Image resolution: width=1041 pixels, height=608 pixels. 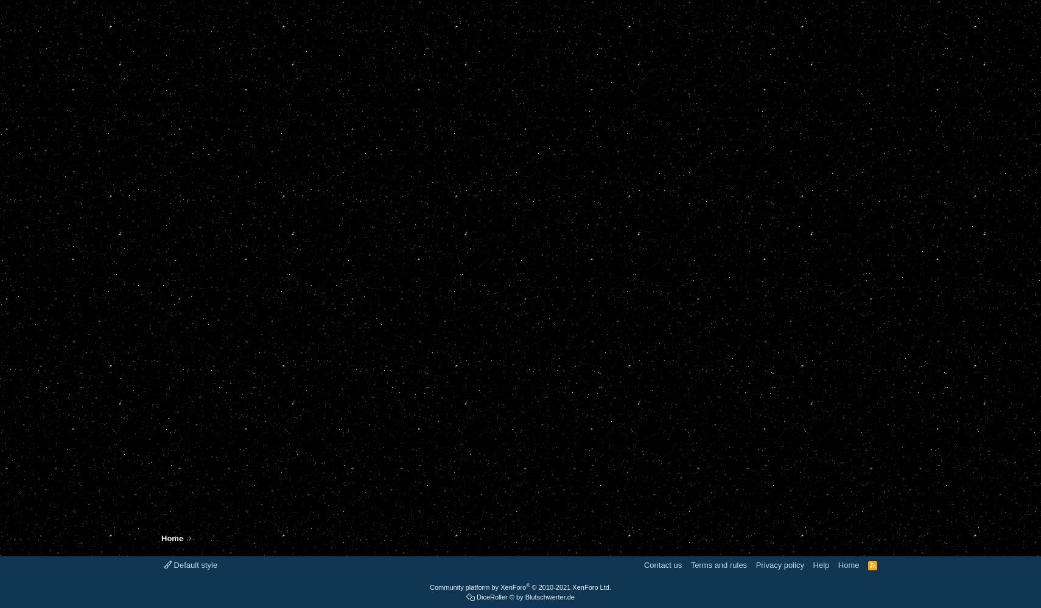 What do you see at coordinates (718, 565) in the screenshot?
I see `'Terms and rules'` at bounding box center [718, 565].